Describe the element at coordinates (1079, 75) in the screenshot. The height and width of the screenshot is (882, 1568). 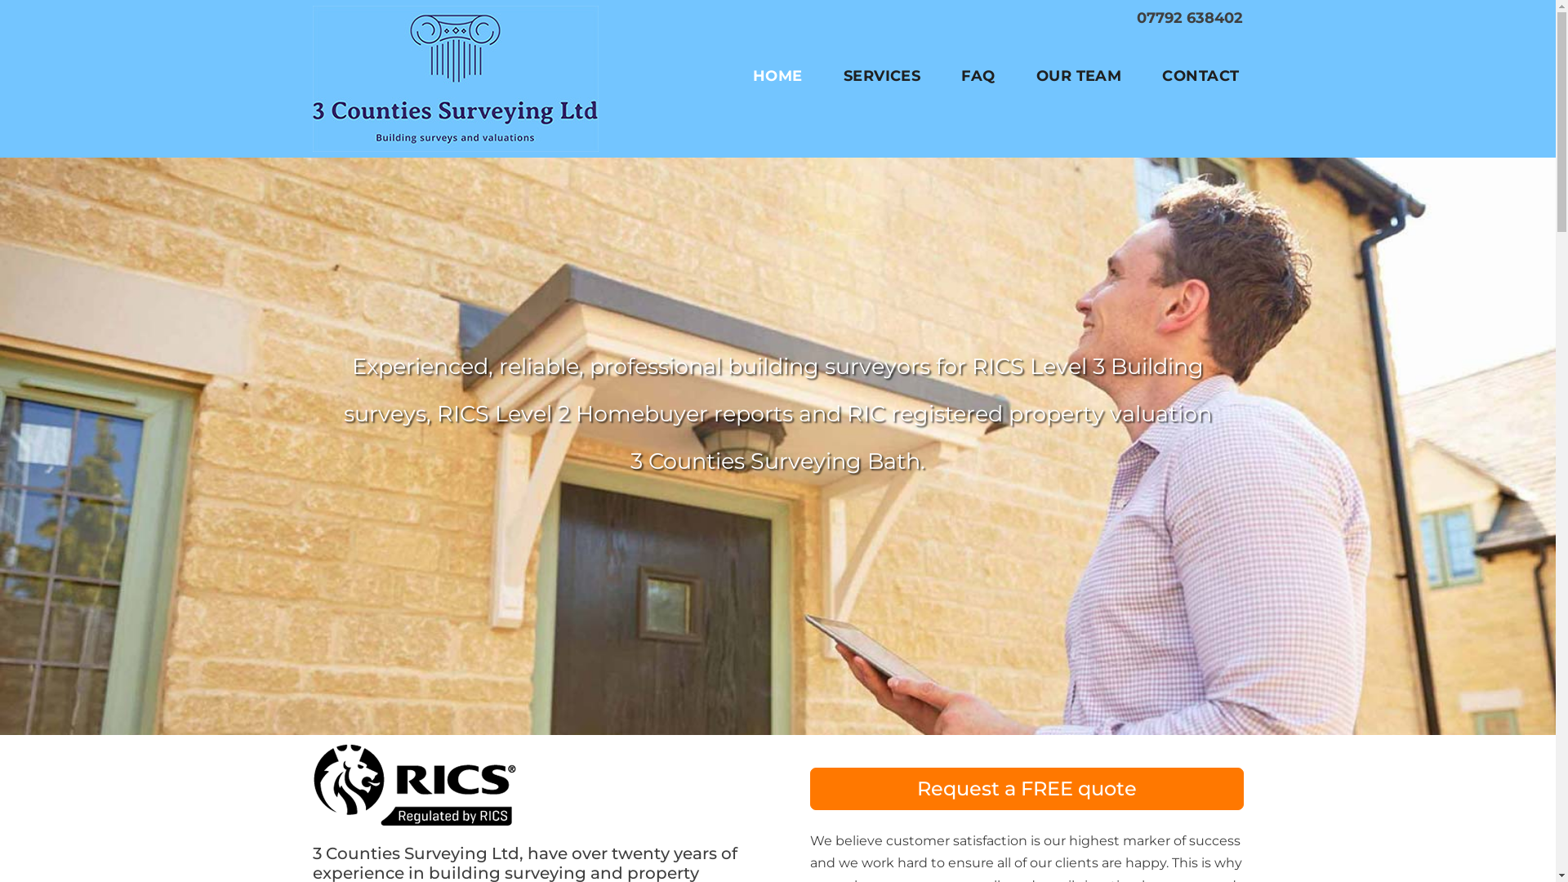
I see `'OUR TEAM'` at that location.